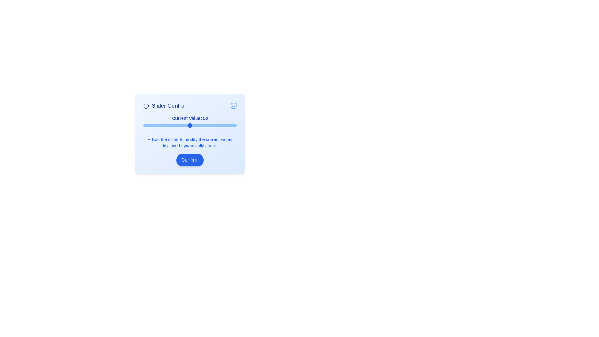 Image resolution: width=599 pixels, height=337 pixels. Describe the element at coordinates (201, 125) in the screenshot. I see `the slider value` at that location.